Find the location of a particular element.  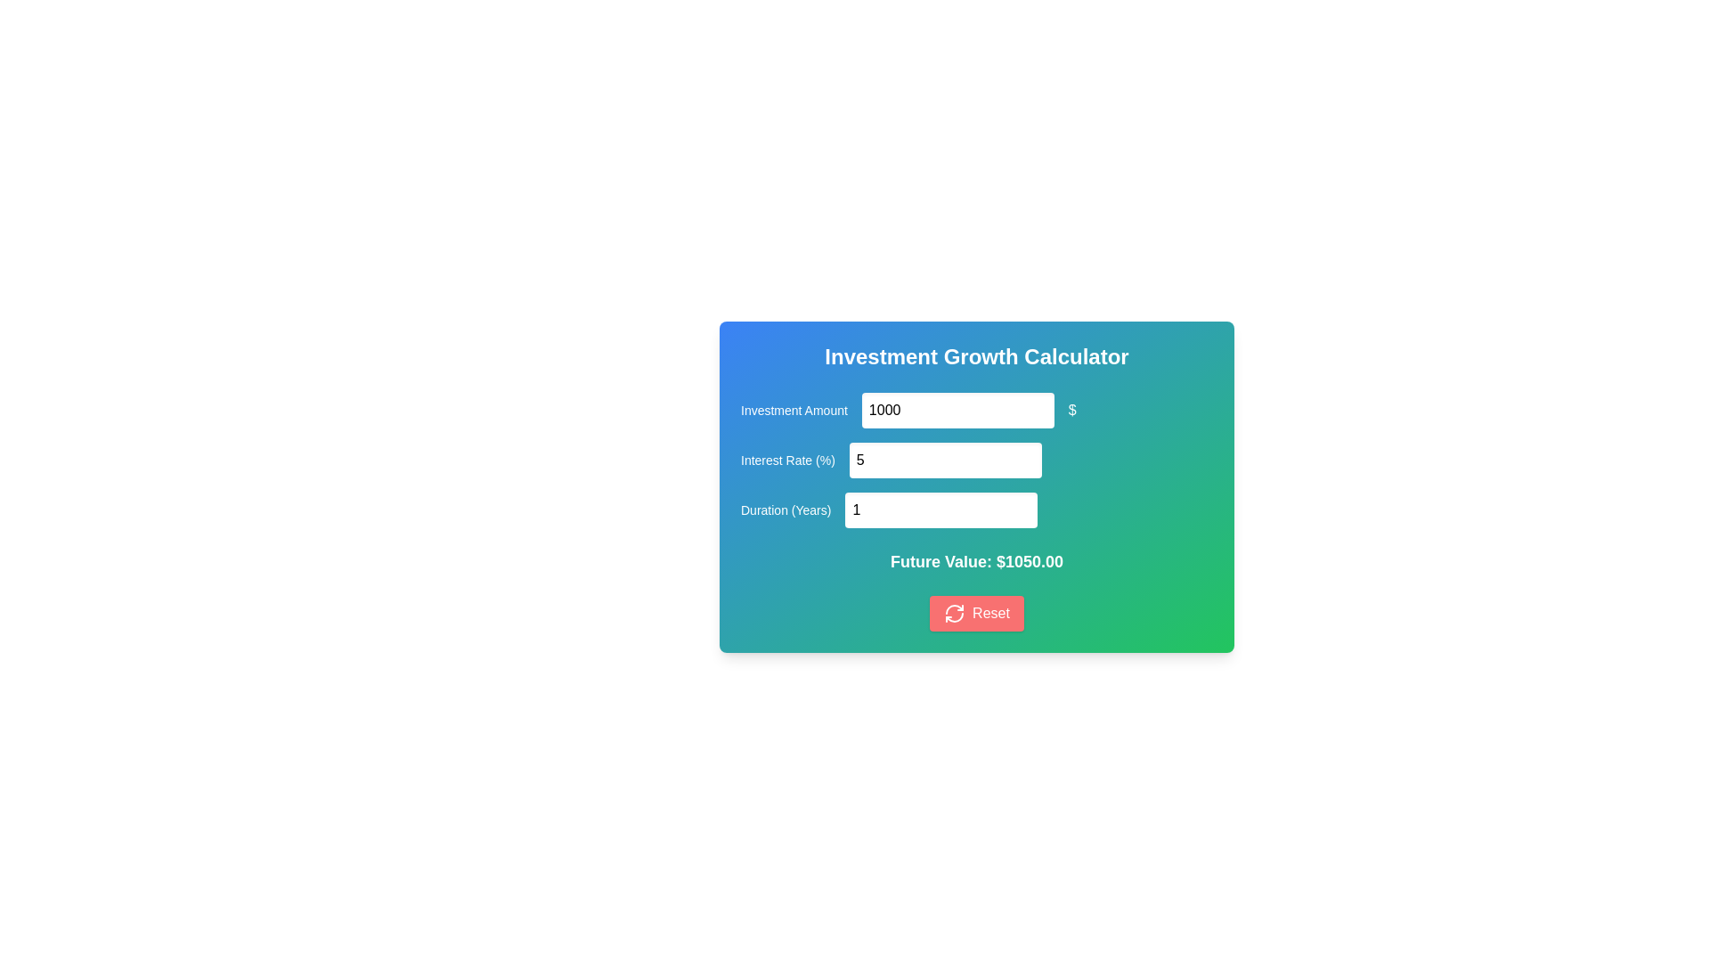

the Text Label that indicates the investment amount input field, positioned at the upper left corner of the financial calculator panel is located at coordinates (793, 411).